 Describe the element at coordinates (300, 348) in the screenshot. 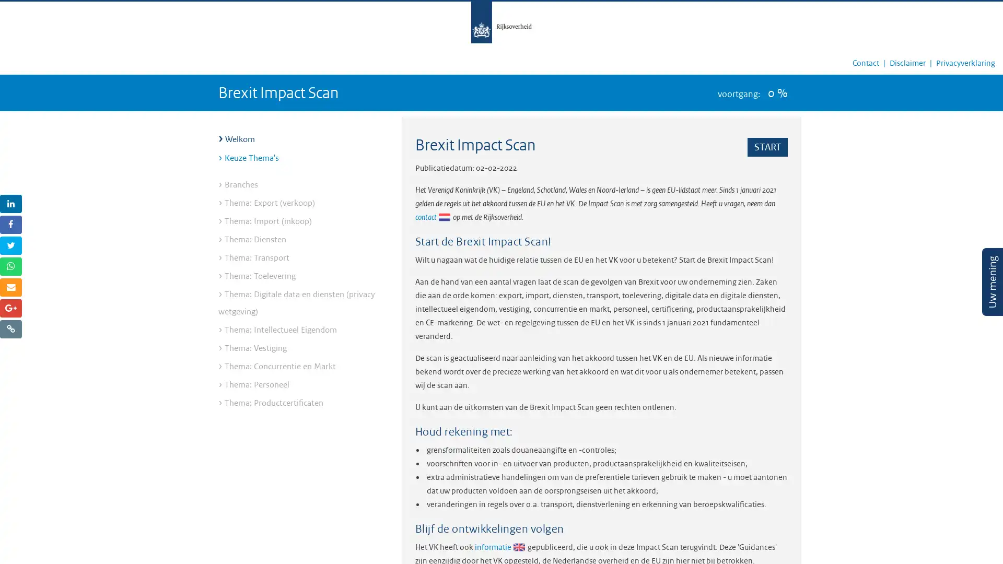

I see `Thema: Vestiging` at that location.